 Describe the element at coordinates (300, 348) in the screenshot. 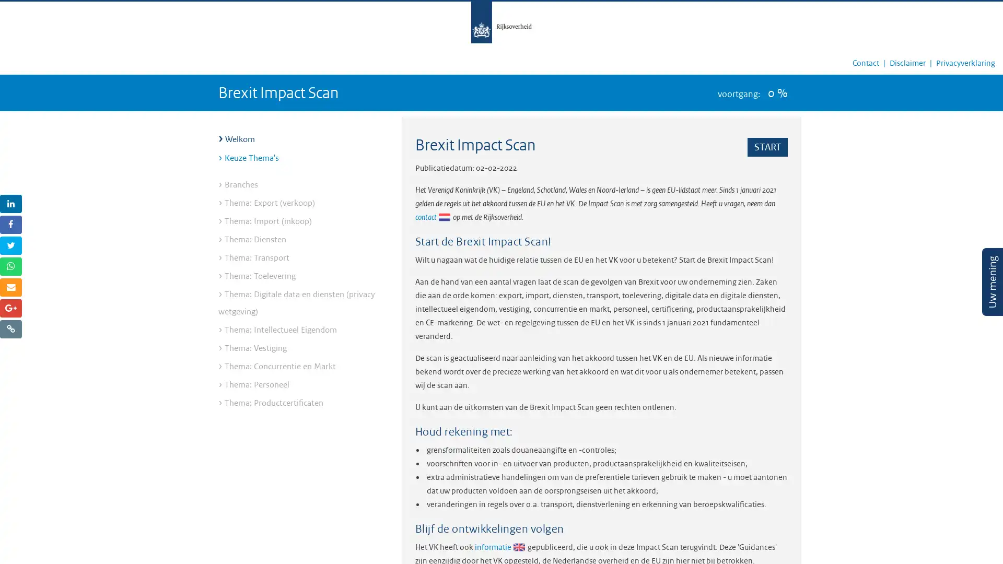

I see `Thema: Vestiging` at that location.